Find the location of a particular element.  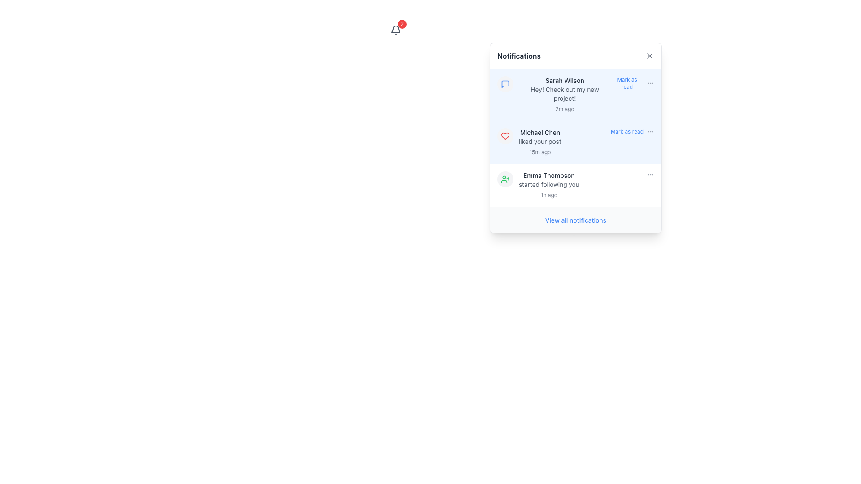

static text label displaying the user name 'Michael Chen' in the notification panel, which is located above the text 'liked your post' and '15m ago' is located at coordinates (539, 133).